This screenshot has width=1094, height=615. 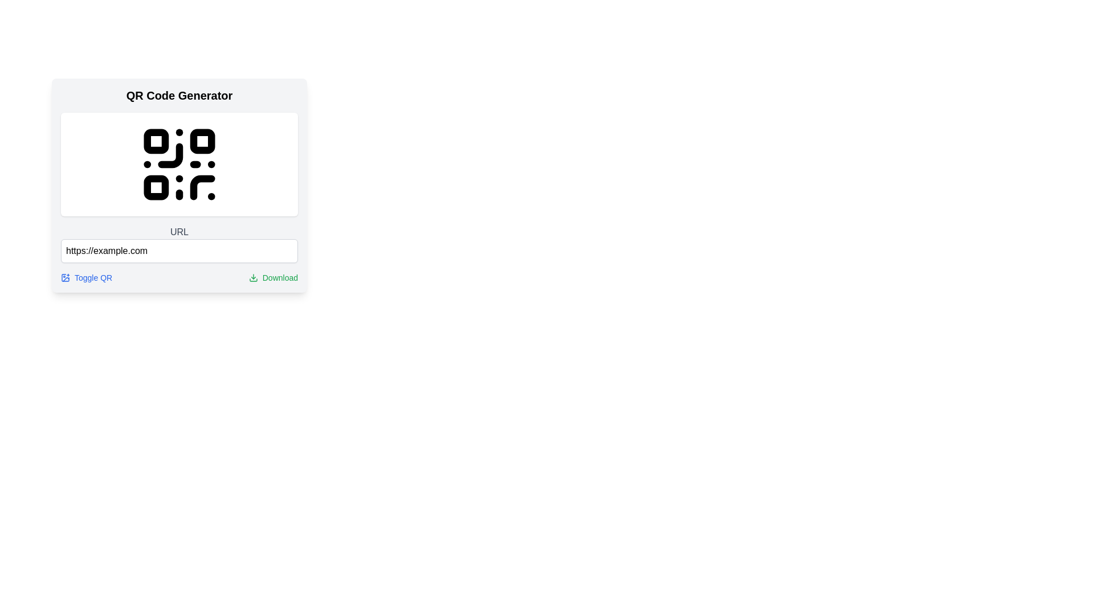 What do you see at coordinates (65, 278) in the screenshot?
I see `the blue icon with a plus sign located adjacent to the blue text 'Toggle QR' in the bottom-left corner of the card containing the QR code and URL input field` at bounding box center [65, 278].